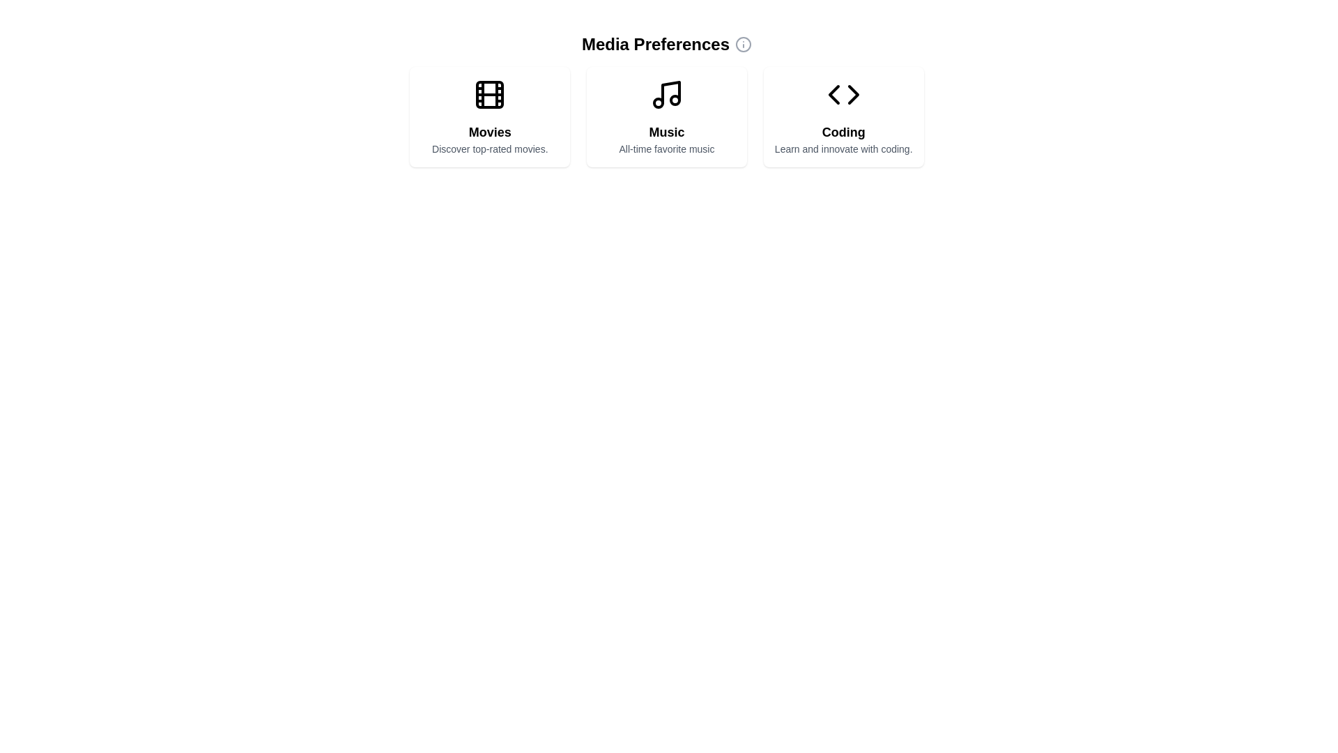 The width and height of the screenshot is (1338, 753). I want to click on the decorative element that represents the film reel icon in the 'Movies' preference option, located at the center of the icon, so click(490, 94).